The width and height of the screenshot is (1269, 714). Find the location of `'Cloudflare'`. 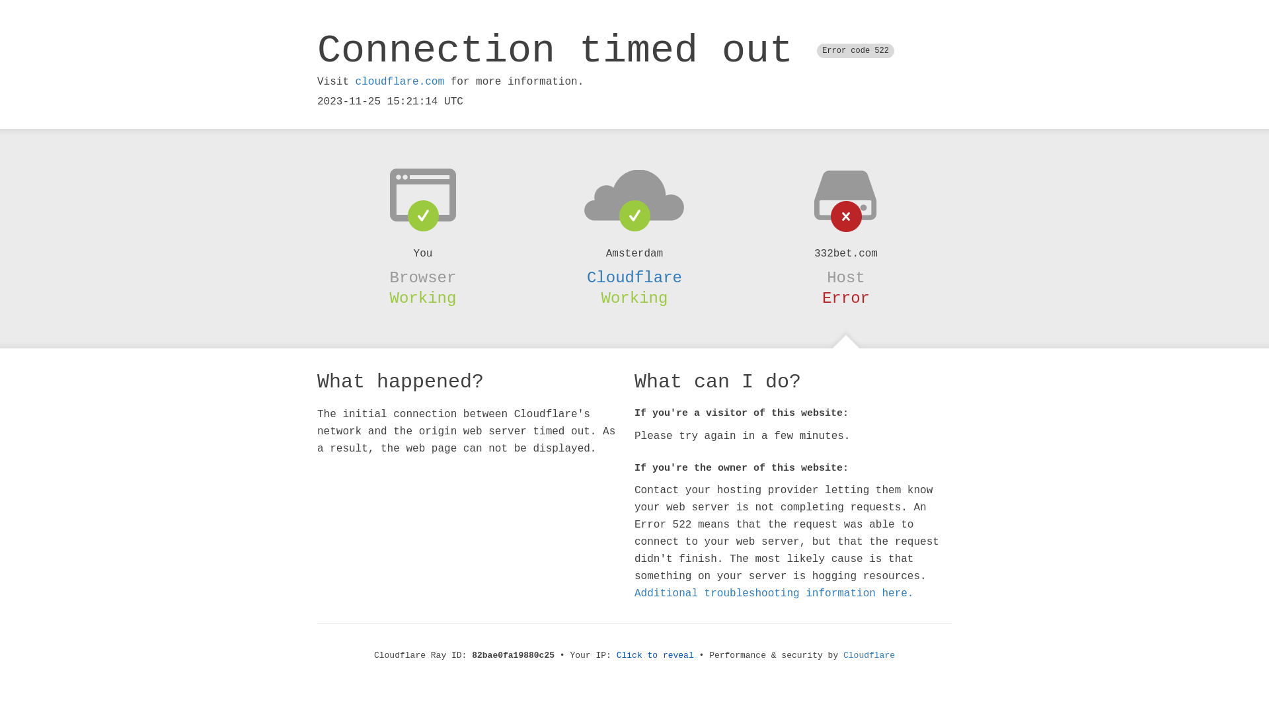

'Cloudflare' is located at coordinates (586, 277).